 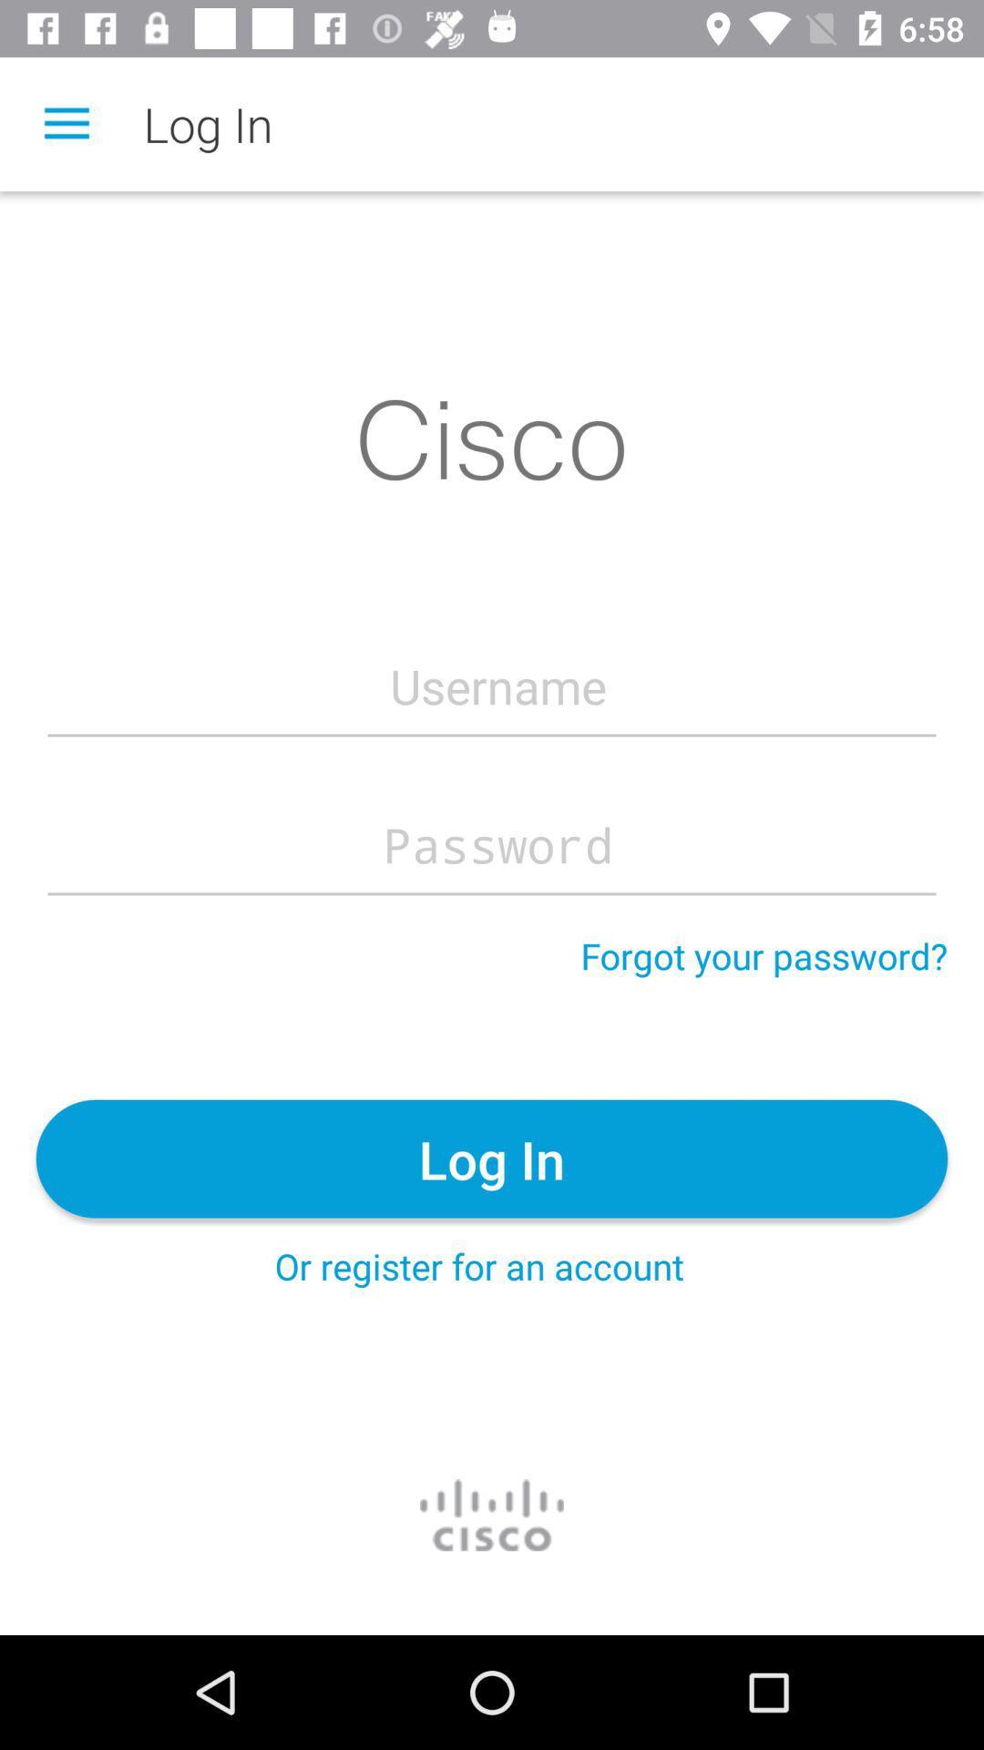 What do you see at coordinates (764, 954) in the screenshot?
I see `forgot your password? on the right` at bounding box center [764, 954].